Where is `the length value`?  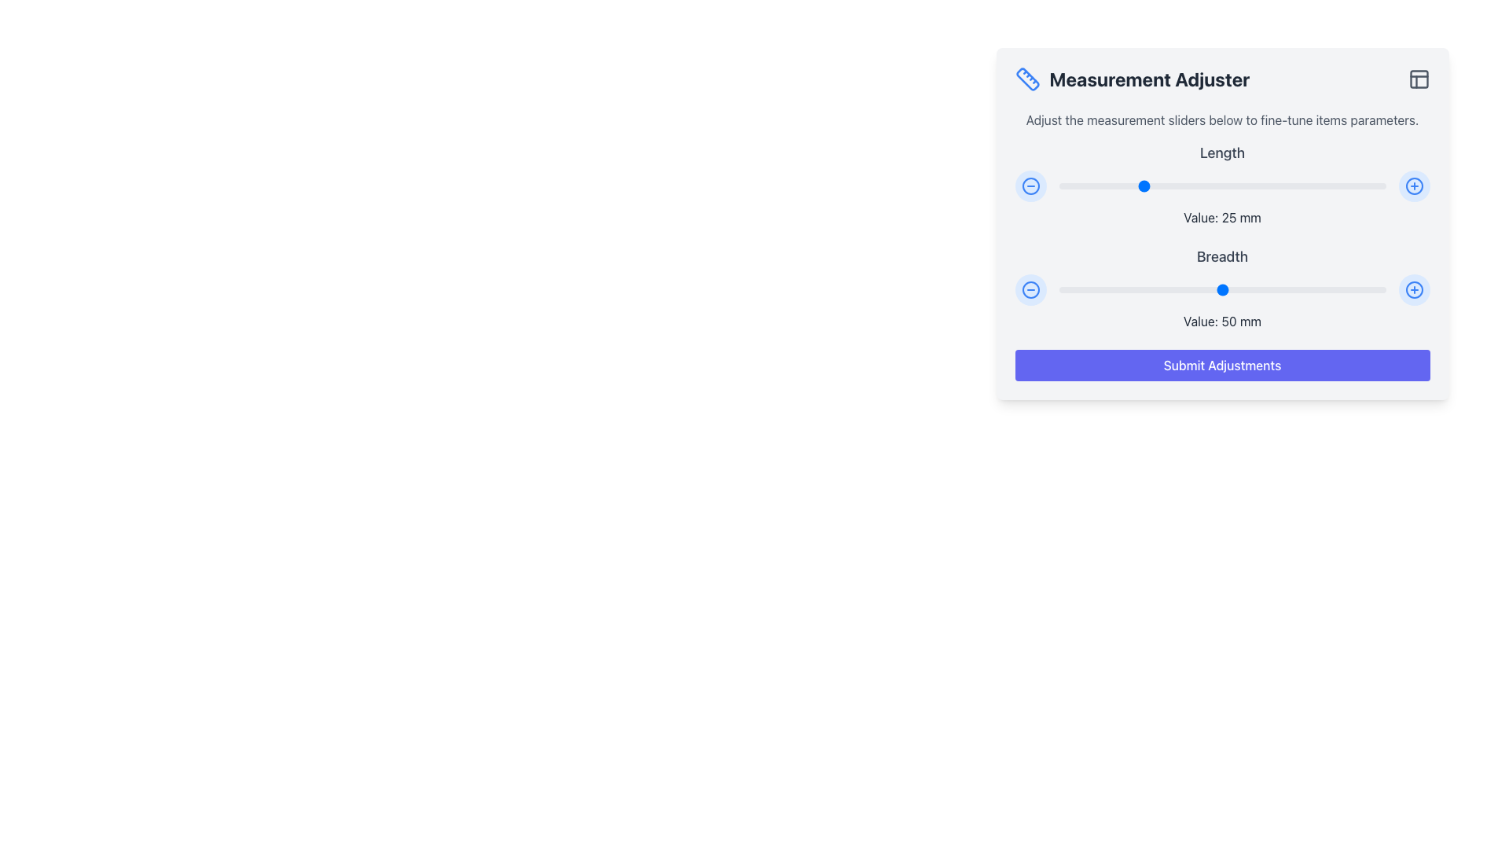 the length value is located at coordinates (1199, 185).